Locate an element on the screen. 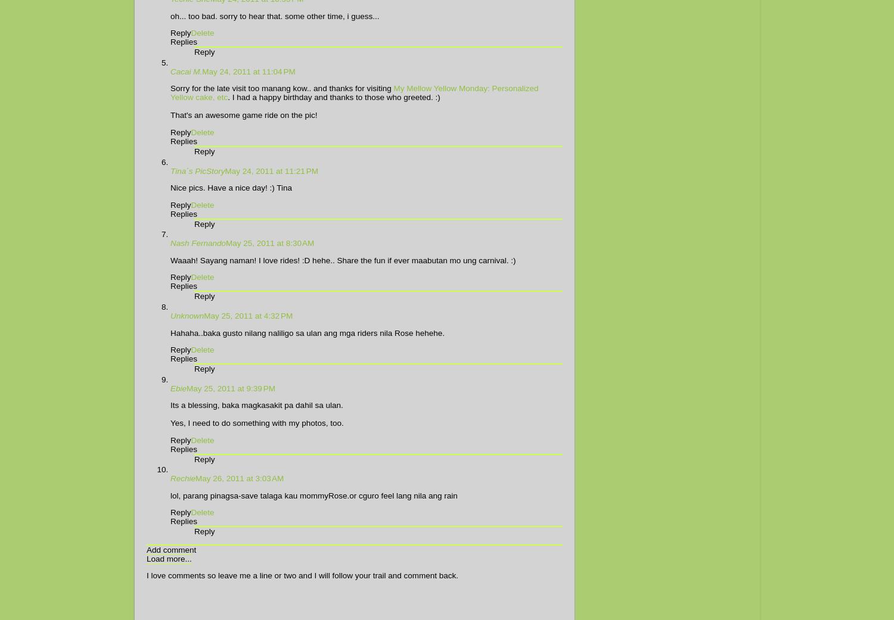 The height and width of the screenshot is (620, 894). 'Add comment' is located at coordinates (171, 549).